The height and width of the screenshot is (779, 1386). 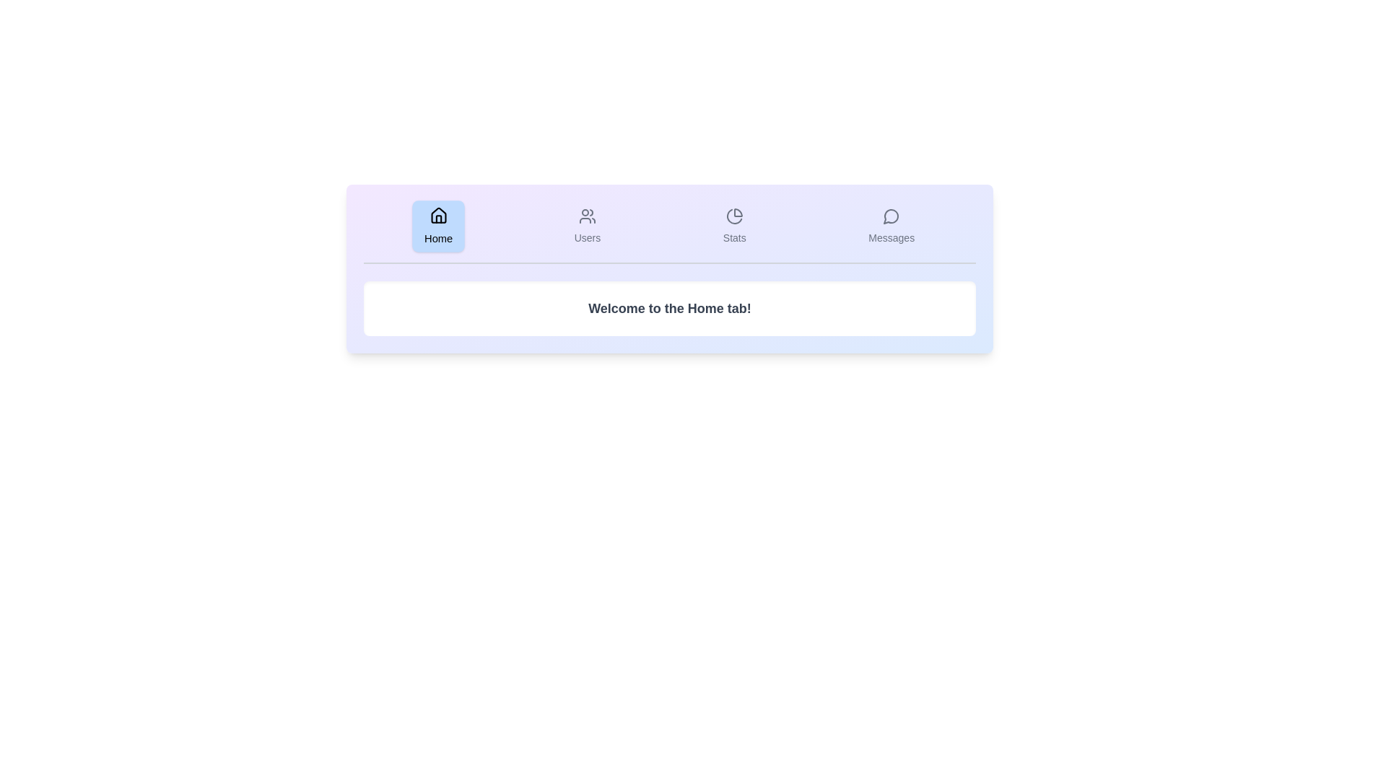 What do you see at coordinates (588, 226) in the screenshot?
I see `the view corresponding to the tab Users` at bounding box center [588, 226].